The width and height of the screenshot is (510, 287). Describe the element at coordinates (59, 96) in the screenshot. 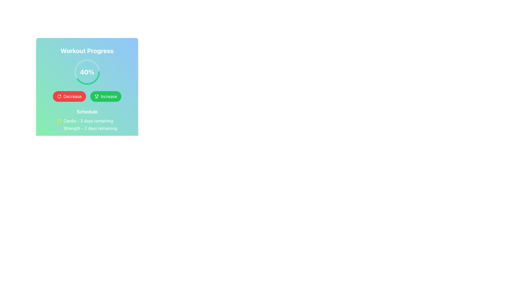

I see `the 'Decrease' button which contains a vector icon representing the 'Decrease' action, located below the circular progress indicator displaying '40%'` at that location.